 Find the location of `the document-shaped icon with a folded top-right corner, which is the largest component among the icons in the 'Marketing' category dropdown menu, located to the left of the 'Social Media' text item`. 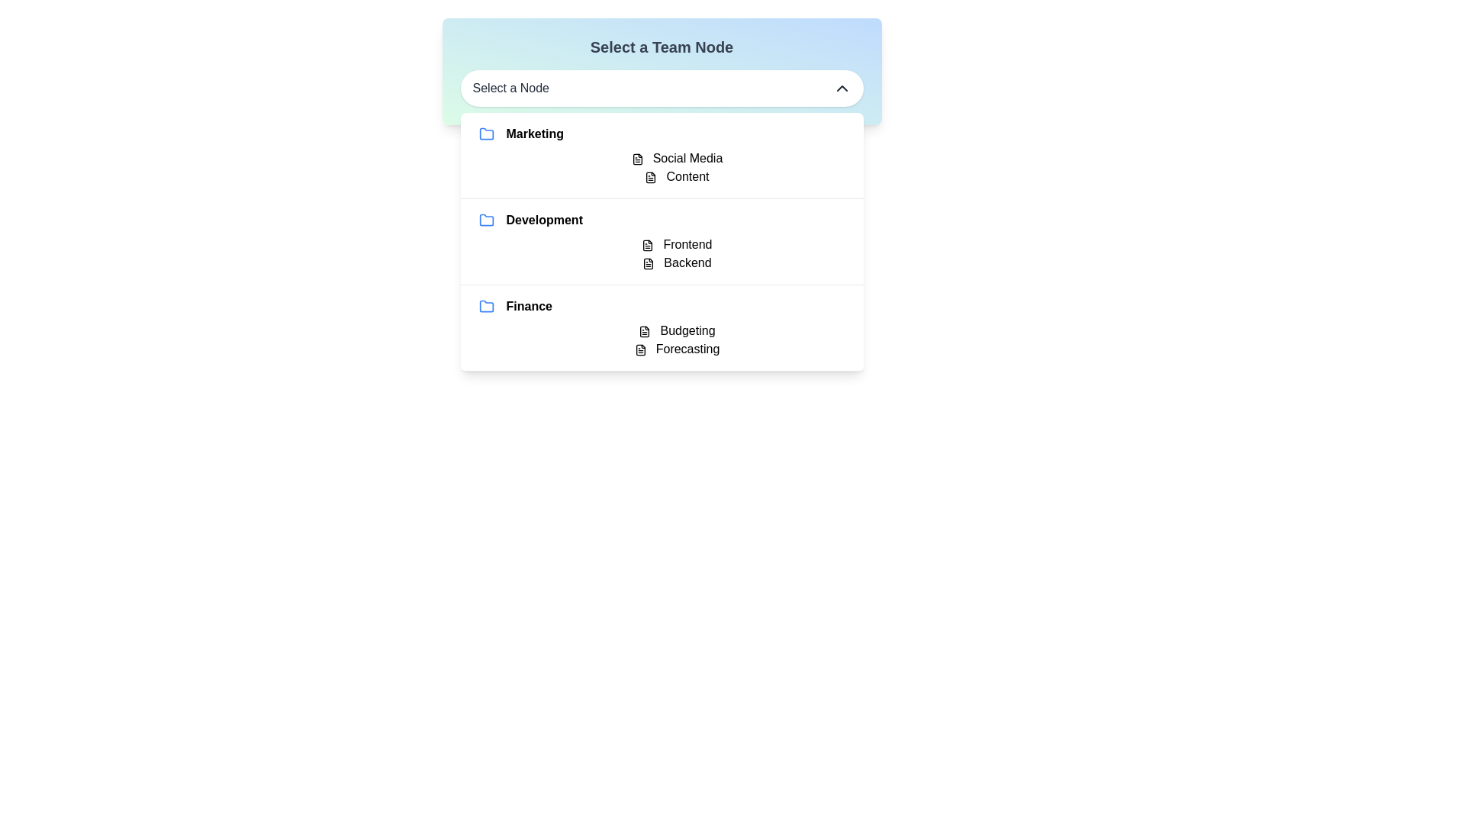

the document-shaped icon with a folded top-right corner, which is the largest component among the icons in the 'Marketing' category dropdown menu, located to the left of the 'Social Media' text item is located at coordinates (637, 159).